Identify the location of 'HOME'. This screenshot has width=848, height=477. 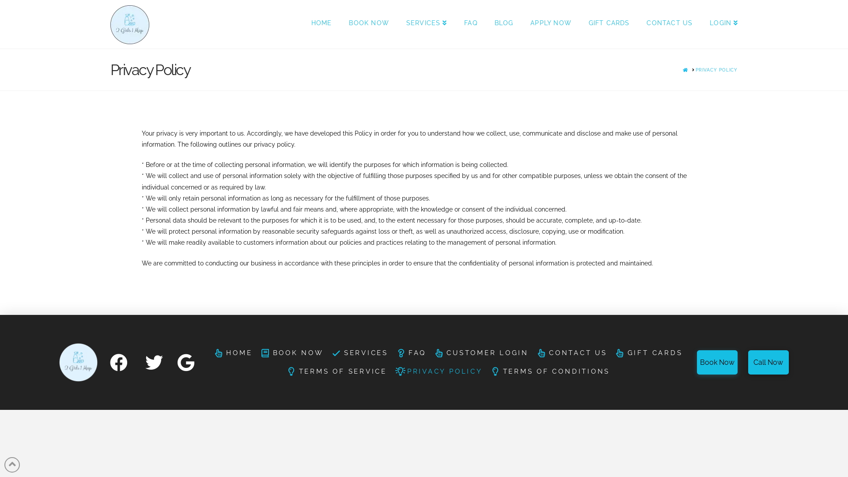
(321, 23).